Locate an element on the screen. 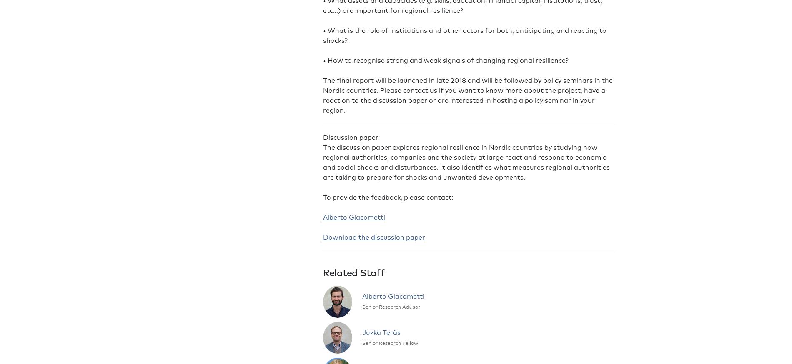 The height and width of the screenshot is (364, 792). 'Download the discussion paper' is located at coordinates (323, 237).